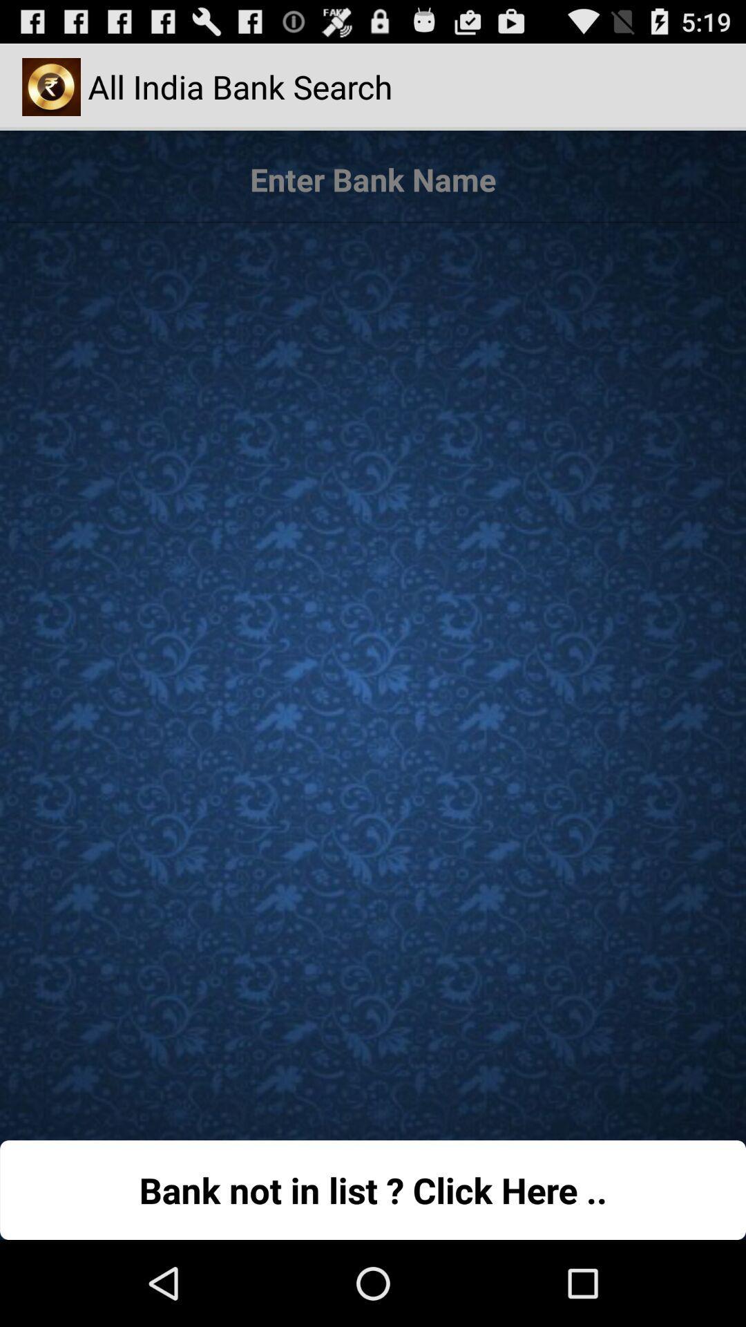 The image size is (746, 1327). Describe the element at coordinates (373, 675) in the screenshot. I see `button above the bank not in` at that location.